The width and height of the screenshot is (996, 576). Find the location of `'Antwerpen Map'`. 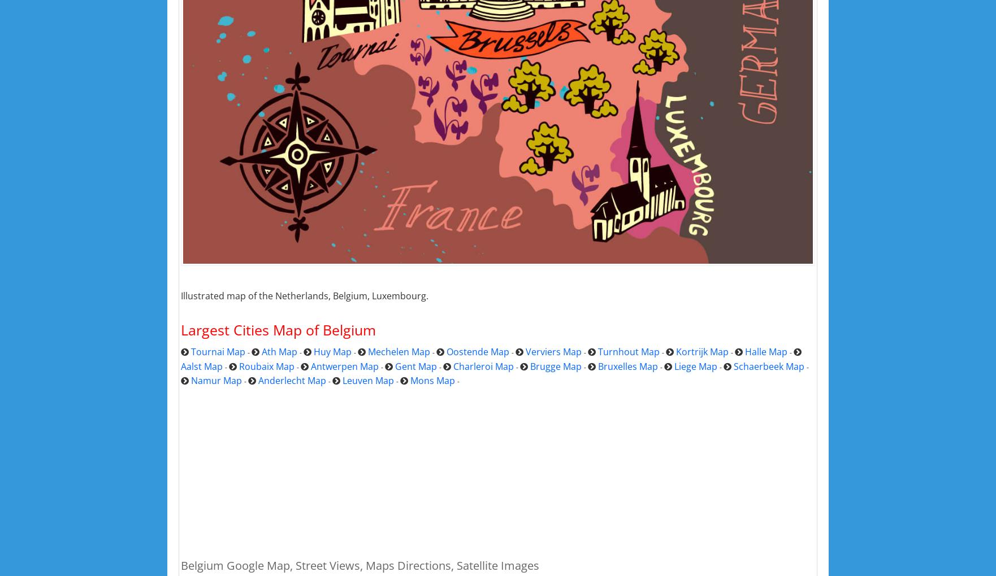

'Antwerpen Map' is located at coordinates (344, 366).